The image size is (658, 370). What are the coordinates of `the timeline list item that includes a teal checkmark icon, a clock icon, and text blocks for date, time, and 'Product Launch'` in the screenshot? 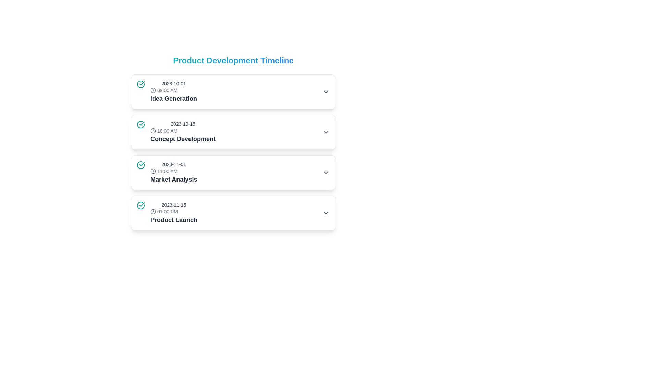 It's located at (167, 212).